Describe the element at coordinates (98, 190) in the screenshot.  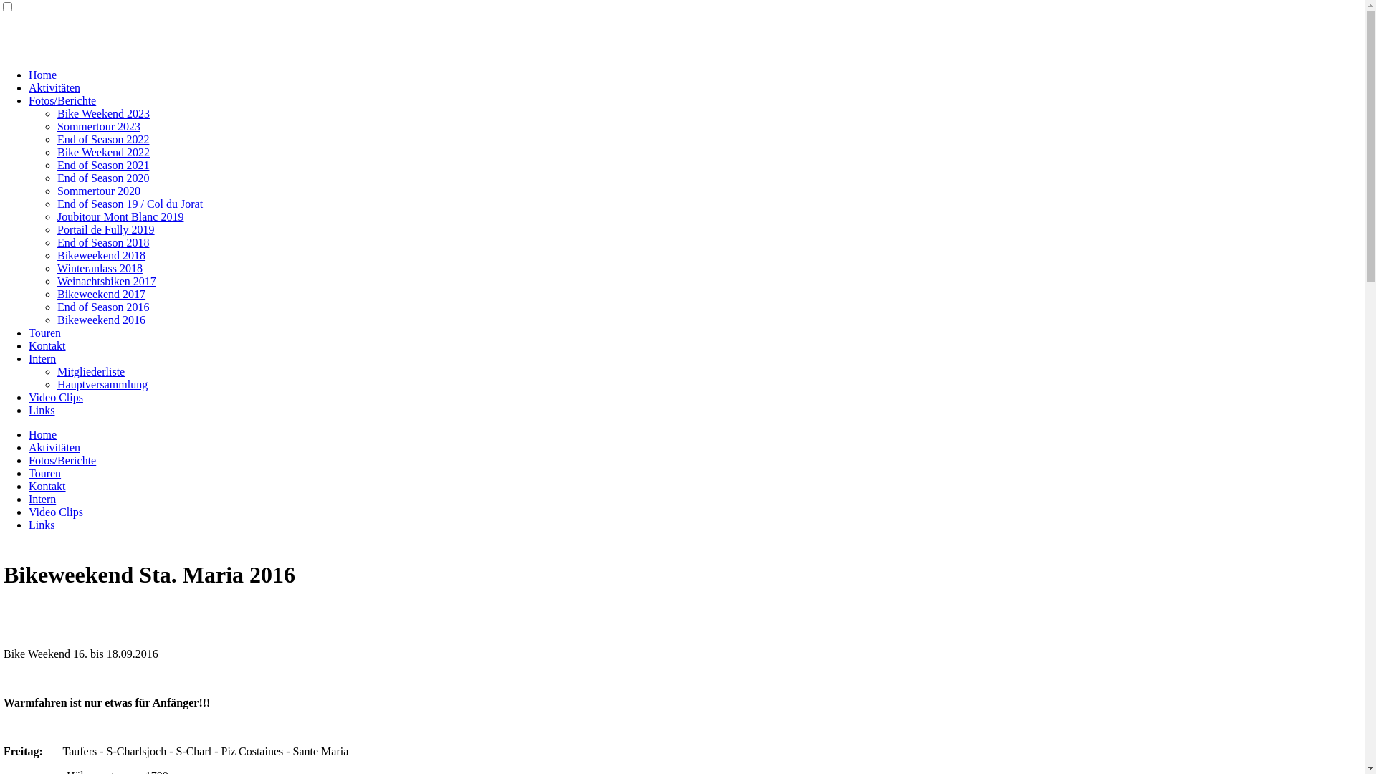
I see `'Sommertour 2020'` at that location.